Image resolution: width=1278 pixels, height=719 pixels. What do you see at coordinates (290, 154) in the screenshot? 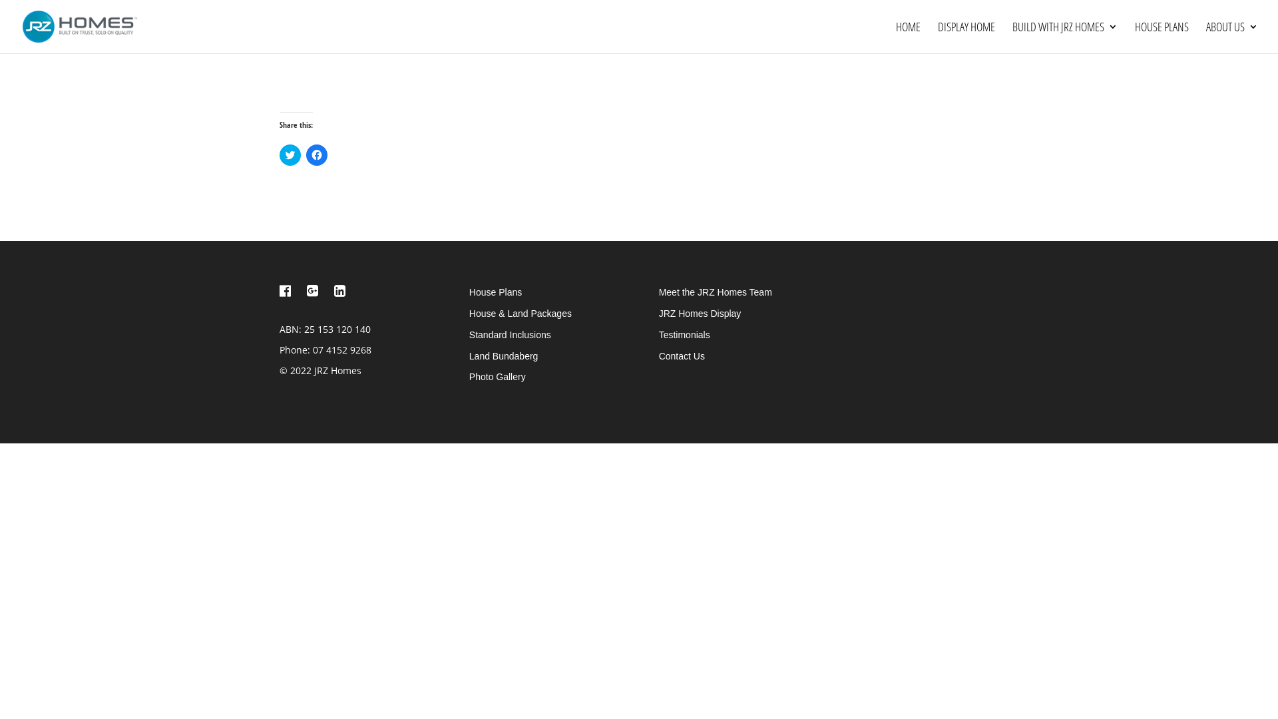
I see `'Click to share on Twitter (Opens in new window)'` at bounding box center [290, 154].